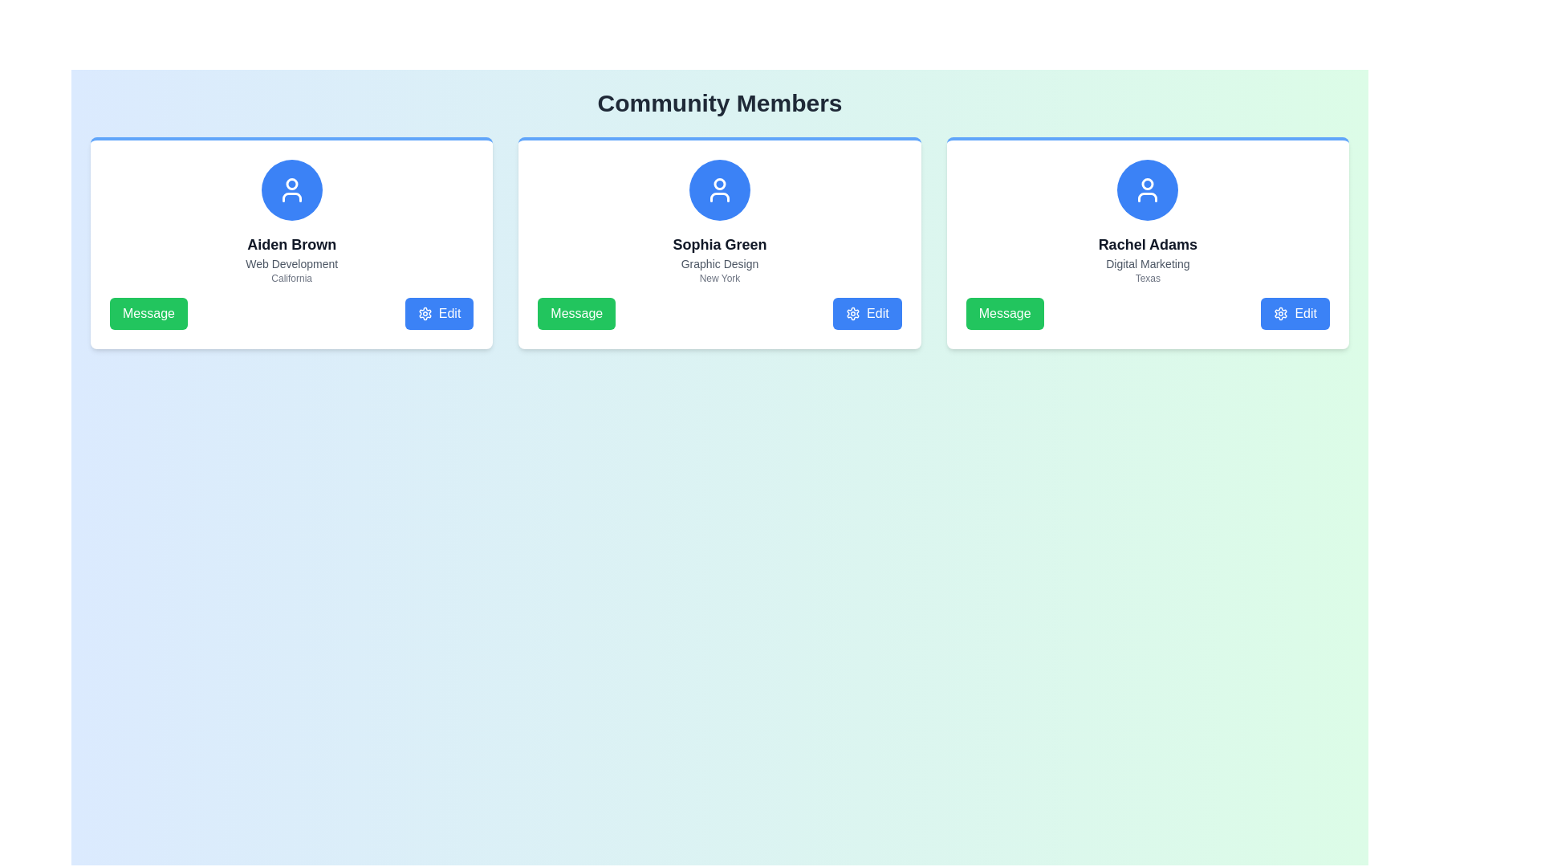 The image size is (1541, 867). Describe the element at coordinates (1147, 189) in the screenshot. I see `the user account SVG icon located at the top-center of the card for 'Rachel Adams', characterized by a white icon on a blue circular background` at that location.